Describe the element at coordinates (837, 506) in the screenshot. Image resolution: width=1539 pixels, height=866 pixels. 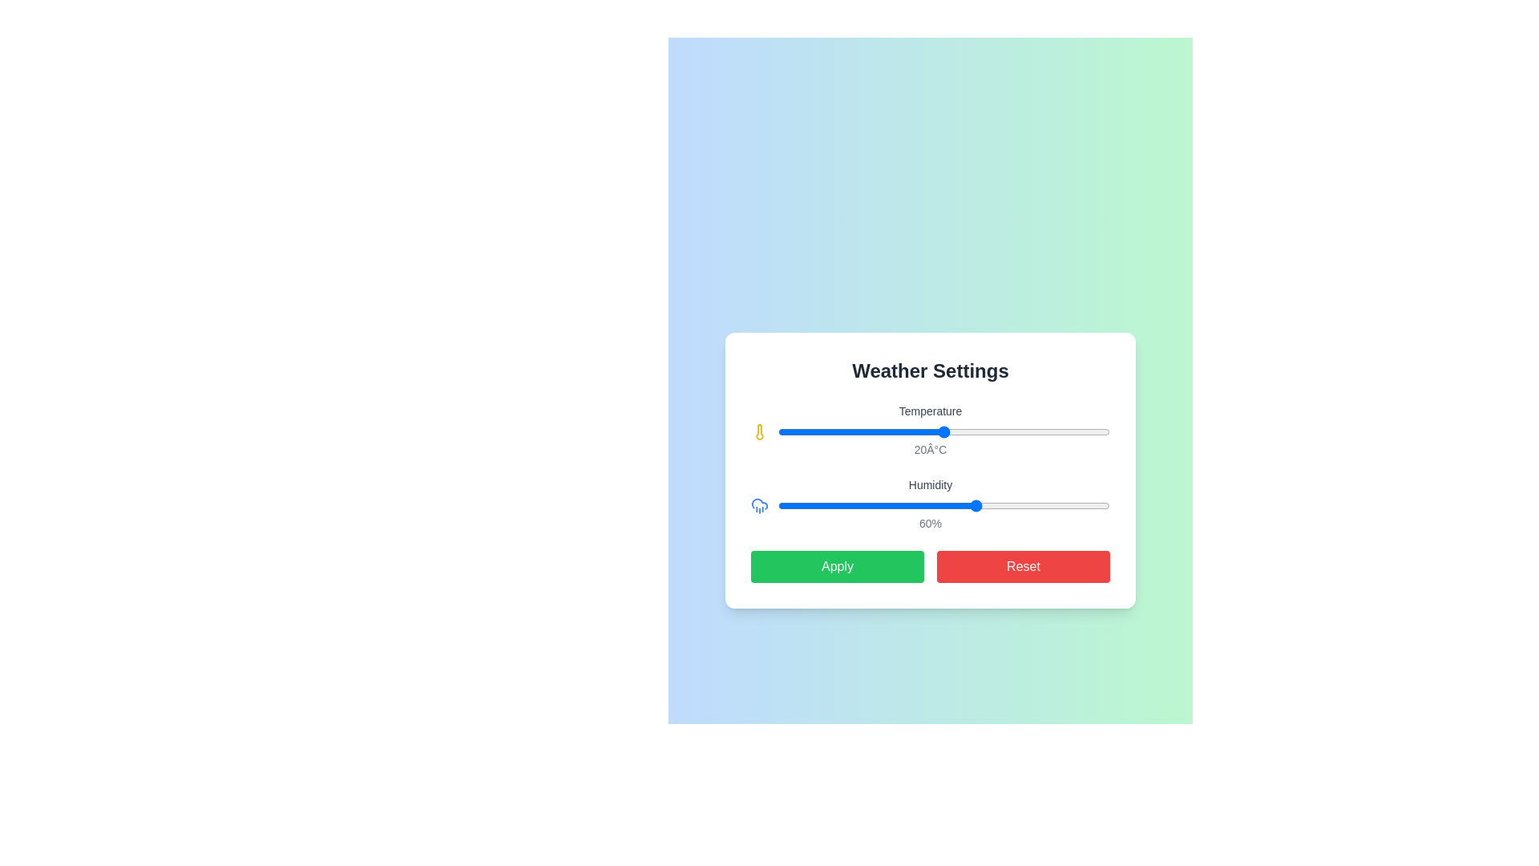
I see `humidity` at that location.